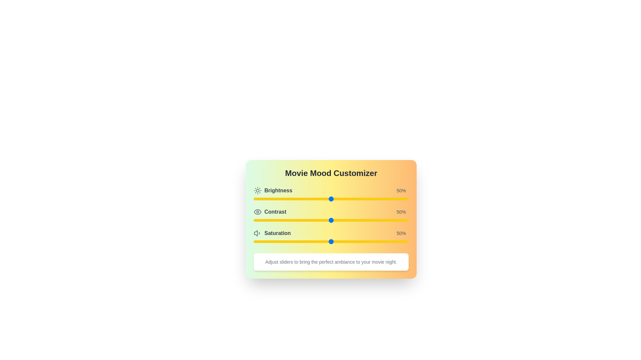 The width and height of the screenshot is (641, 360). Describe the element at coordinates (401, 233) in the screenshot. I see `the Text Display showing '50%' in gray font, located to the right of the 'Saturation' slider in the movie mood customizer section` at that location.